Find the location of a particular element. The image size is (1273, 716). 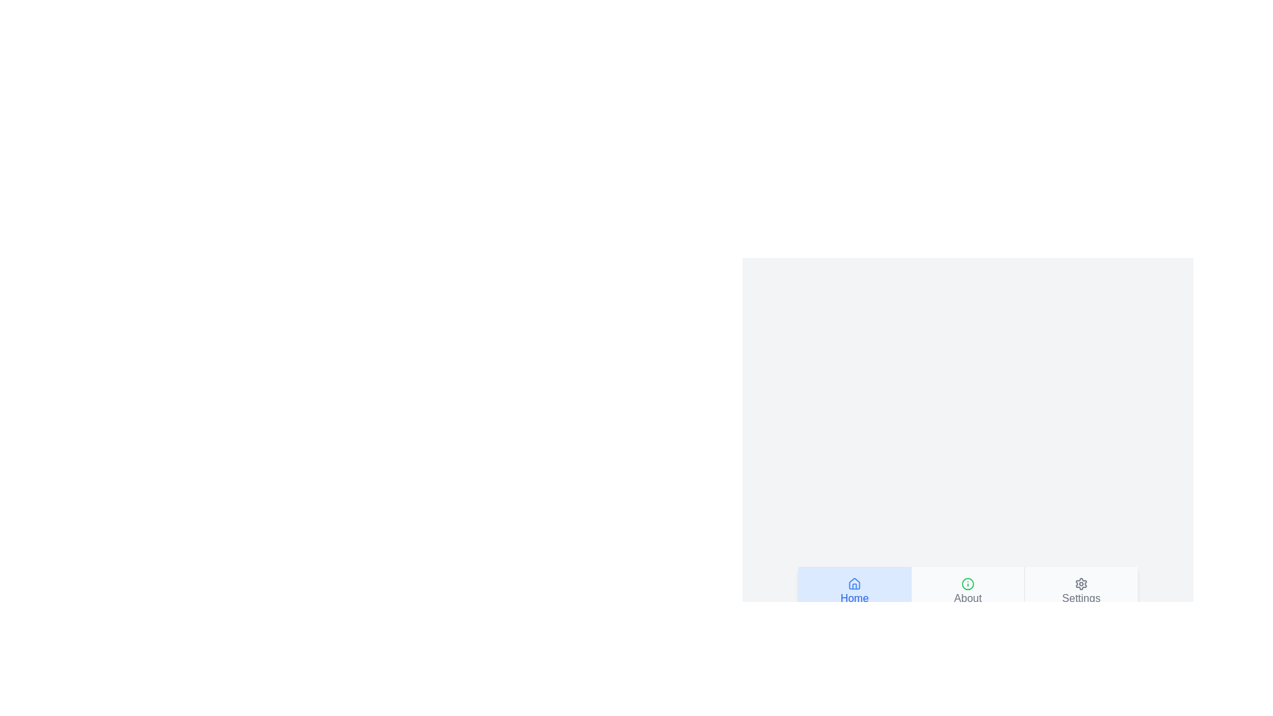

the tab button labeled About is located at coordinates (967, 591).